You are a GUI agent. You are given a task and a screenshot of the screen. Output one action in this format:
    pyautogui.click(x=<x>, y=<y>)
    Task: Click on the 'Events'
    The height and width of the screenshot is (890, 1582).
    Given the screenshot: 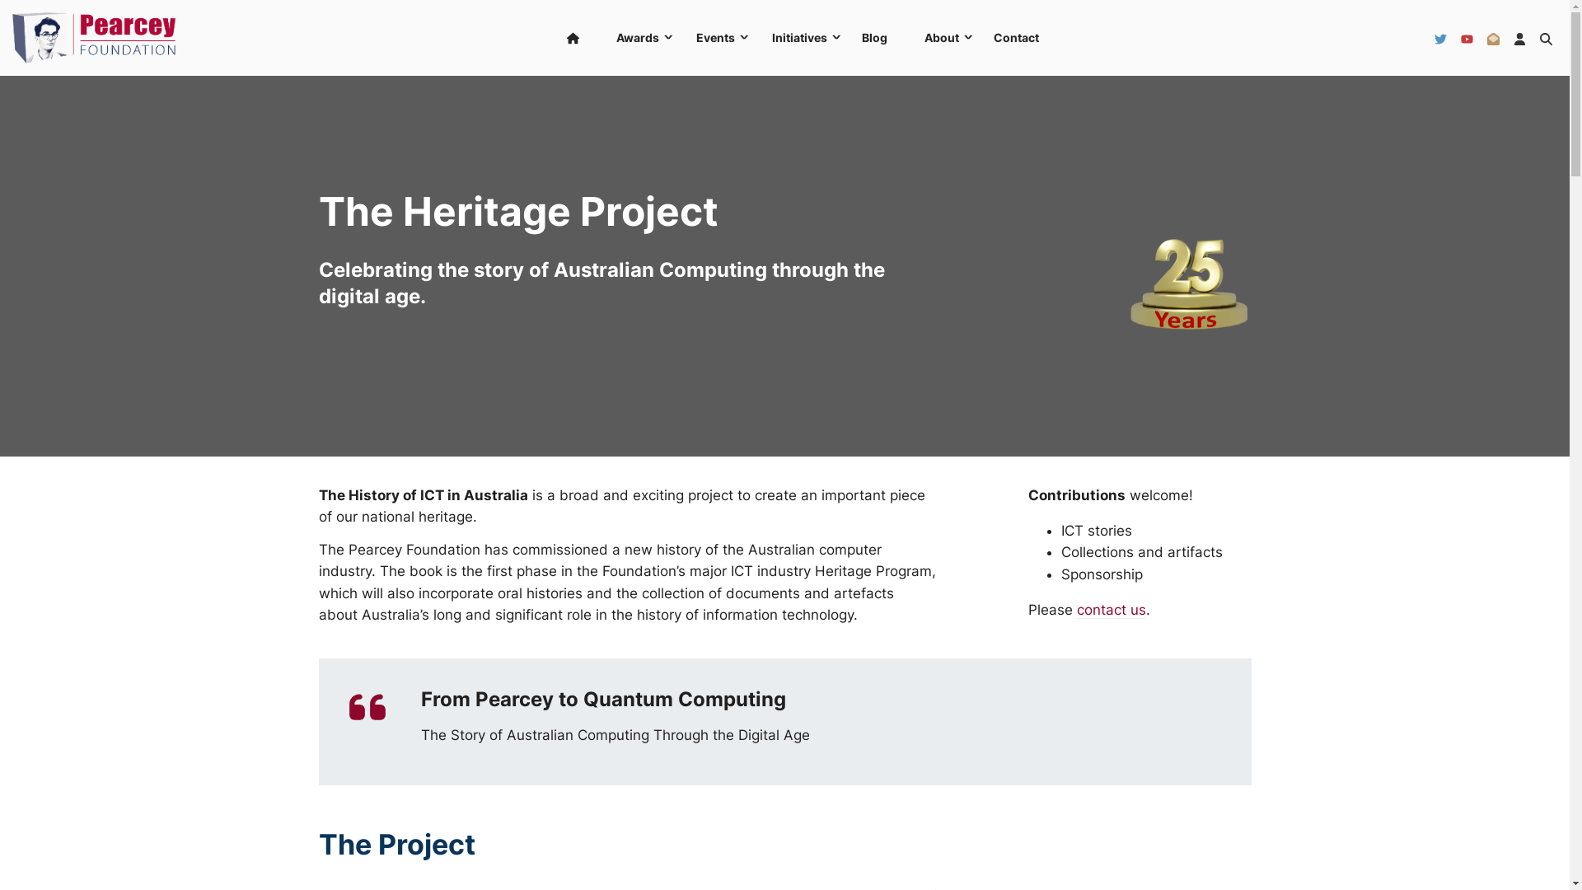 What is the action you would take?
    pyautogui.click(x=714, y=37)
    